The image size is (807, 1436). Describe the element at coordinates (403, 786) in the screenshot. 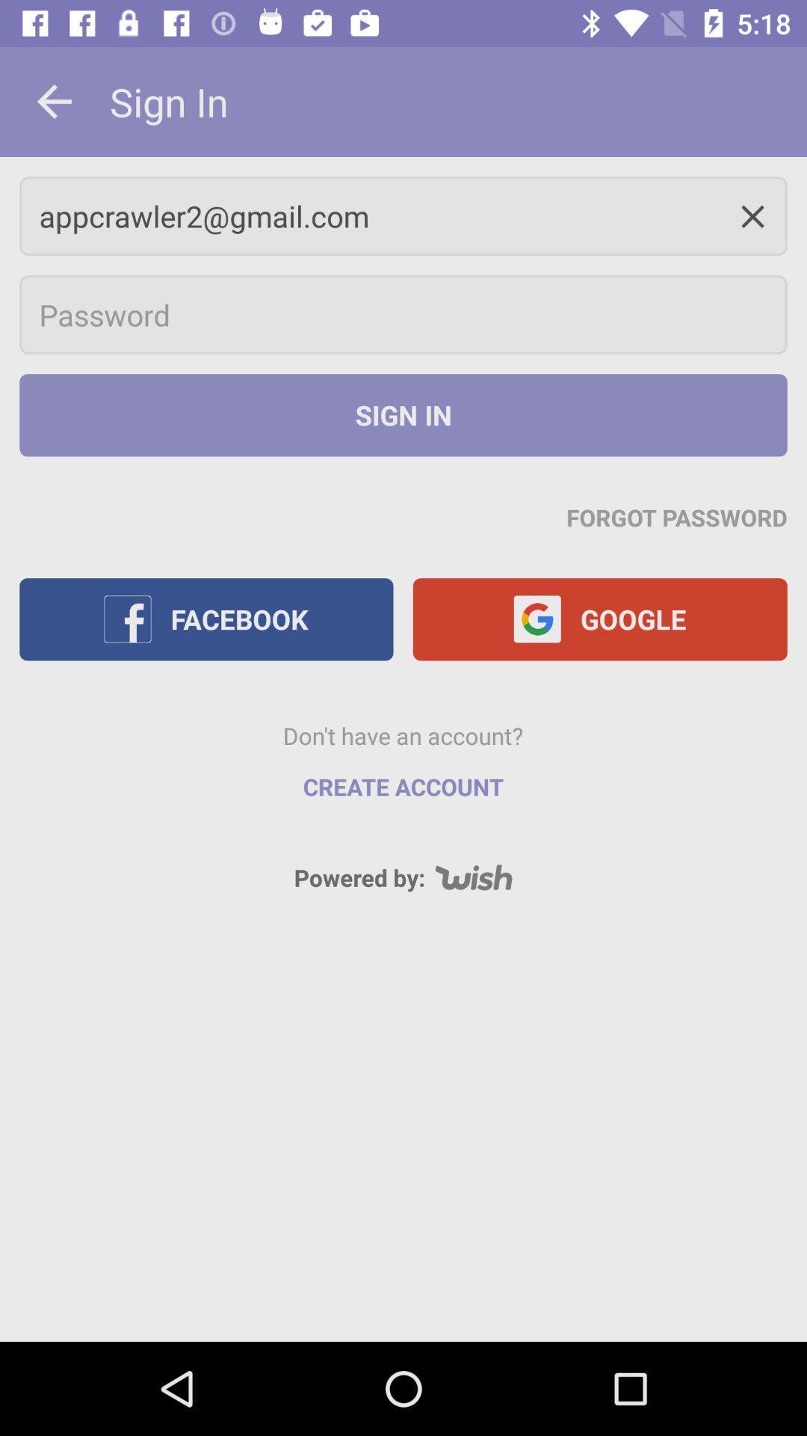

I see `item above the powered by: item` at that location.